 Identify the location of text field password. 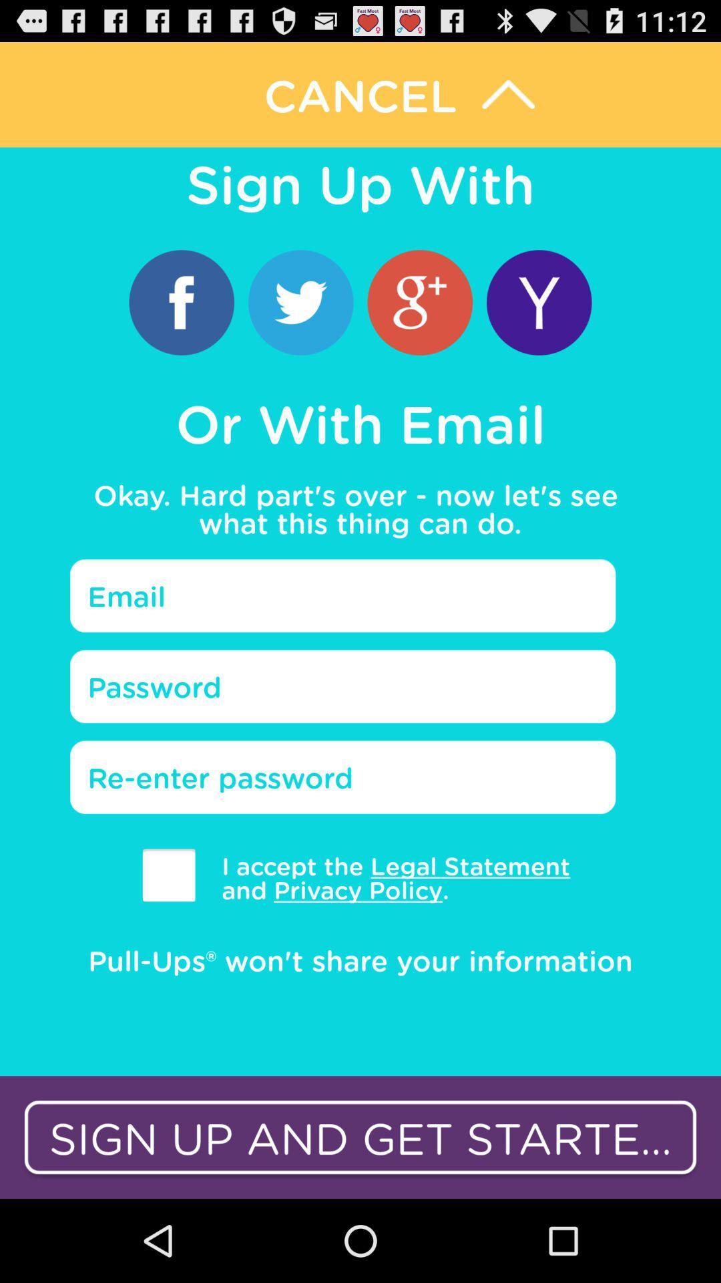
(342, 686).